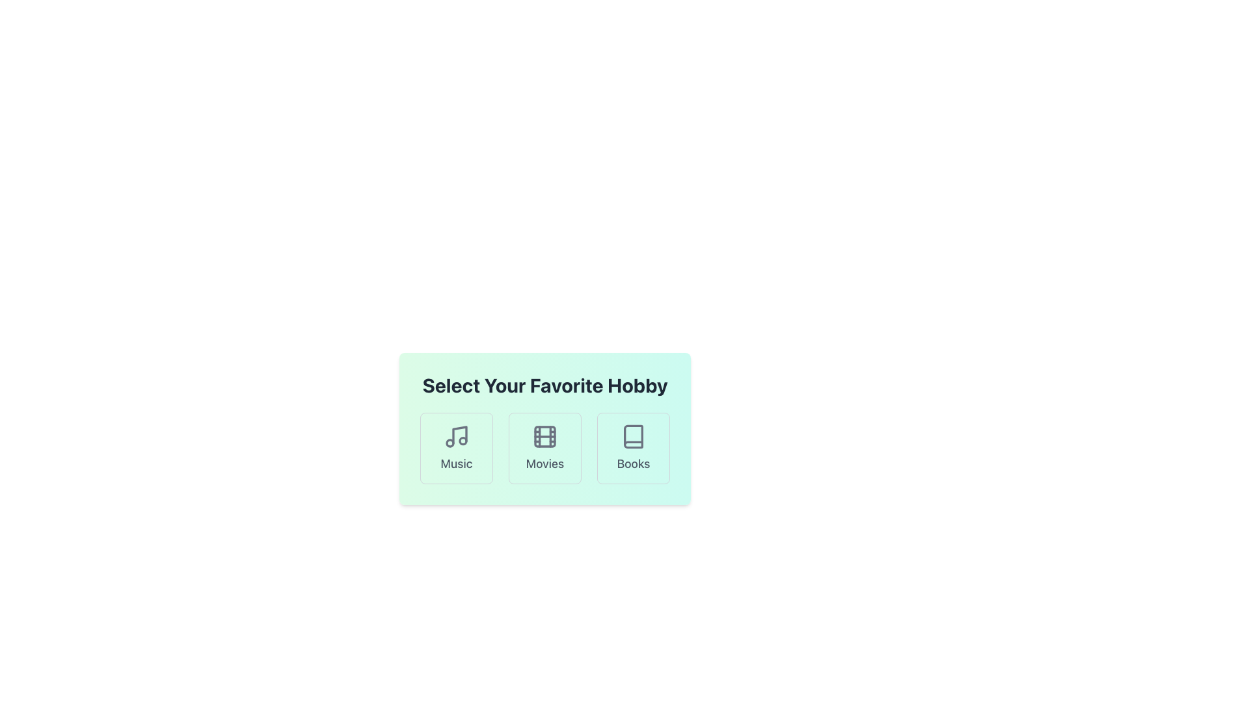 The width and height of the screenshot is (1249, 702). I want to click on the 'Books' button, which features a book icon above the label 'Books', so click(634, 448).